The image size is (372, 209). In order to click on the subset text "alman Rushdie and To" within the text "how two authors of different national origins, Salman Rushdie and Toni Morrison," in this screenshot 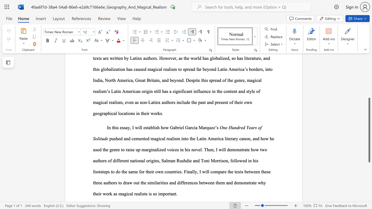, I will do `click(164, 161)`.